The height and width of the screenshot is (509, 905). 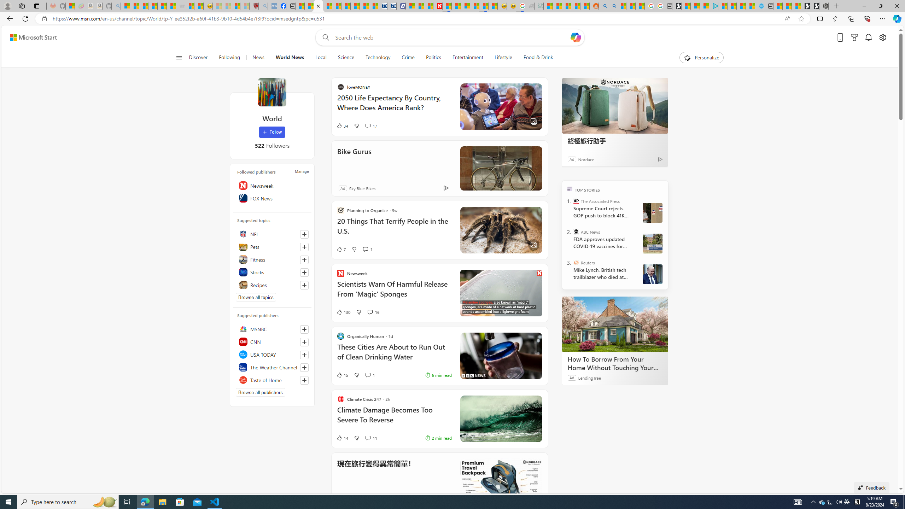 What do you see at coordinates (576, 262) in the screenshot?
I see `'Reuters'` at bounding box center [576, 262].